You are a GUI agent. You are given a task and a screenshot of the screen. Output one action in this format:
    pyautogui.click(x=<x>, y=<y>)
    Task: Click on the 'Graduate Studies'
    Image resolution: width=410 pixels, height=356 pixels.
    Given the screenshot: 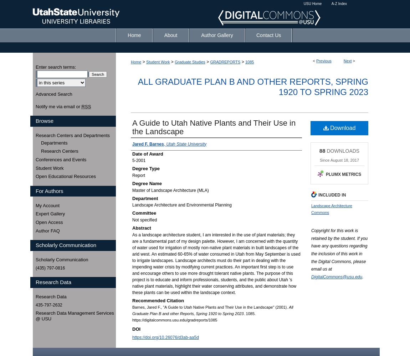 What is the action you would take?
    pyautogui.click(x=190, y=62)
    